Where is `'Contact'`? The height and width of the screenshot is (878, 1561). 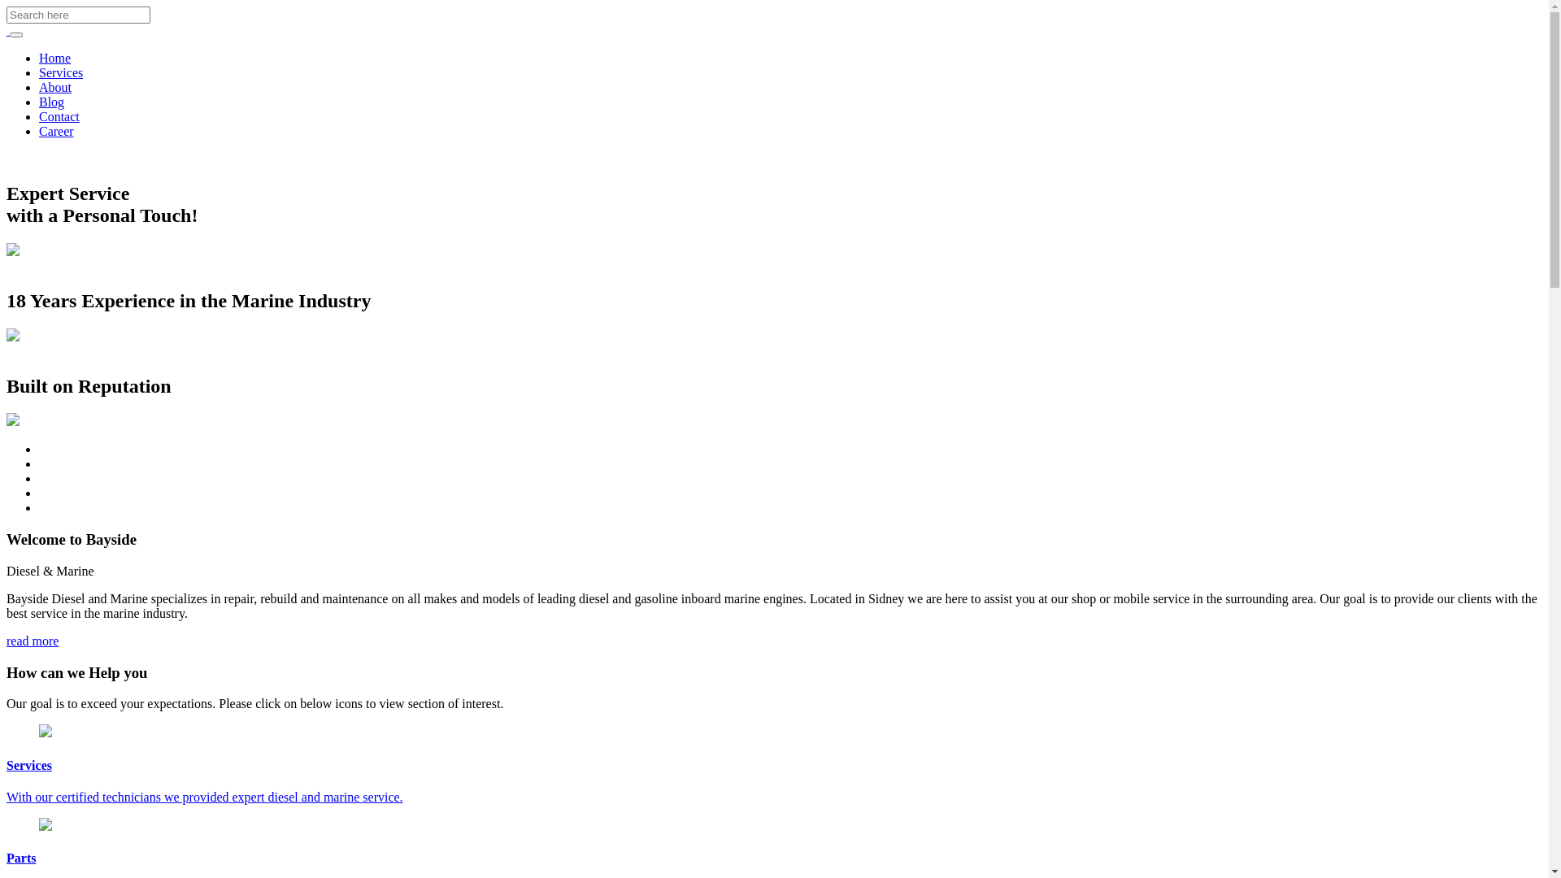
'Contact' is located at coordinates (59, 115).